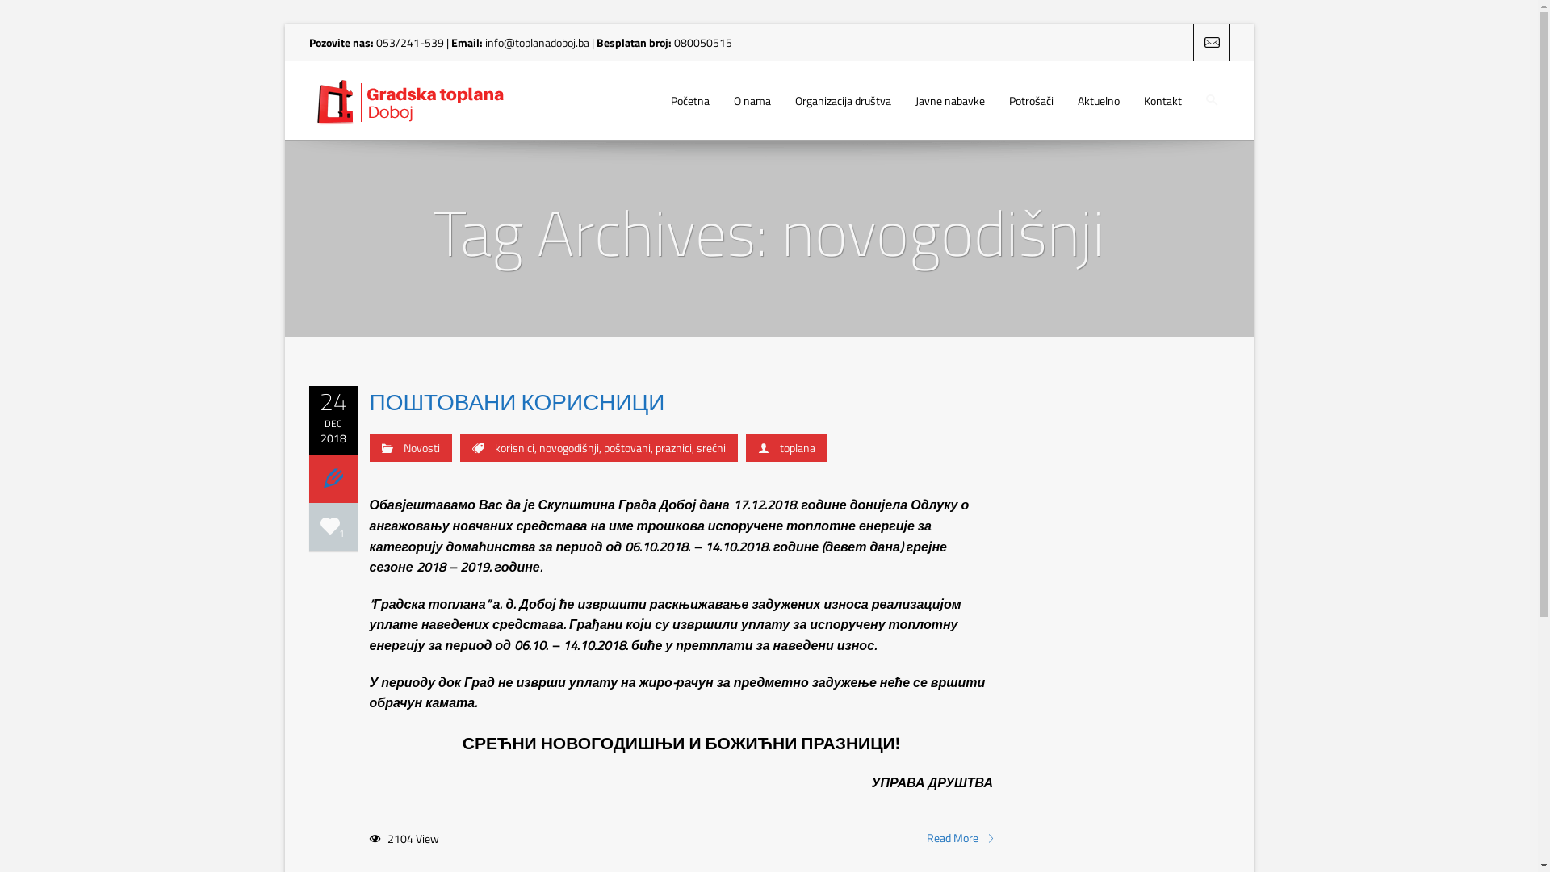  I want to click on 'info@toplanadoboj.ba', so click(484, 41).